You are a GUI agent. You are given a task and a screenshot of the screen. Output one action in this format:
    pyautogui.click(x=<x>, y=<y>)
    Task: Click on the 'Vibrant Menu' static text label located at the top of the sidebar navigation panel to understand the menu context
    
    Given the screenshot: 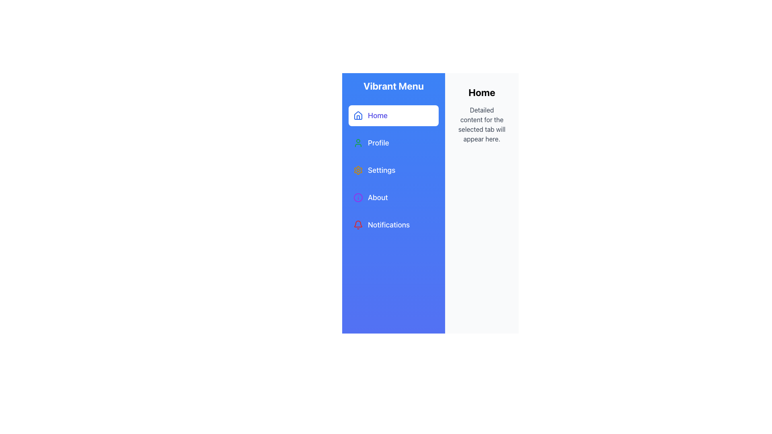 What is the action you would take?
    pyautogui.click(x=394, y=86)
    